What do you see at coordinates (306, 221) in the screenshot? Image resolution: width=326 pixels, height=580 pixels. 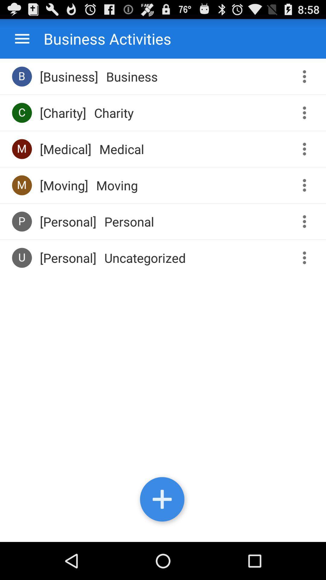 I see `options` at bounding box center [306, 221].